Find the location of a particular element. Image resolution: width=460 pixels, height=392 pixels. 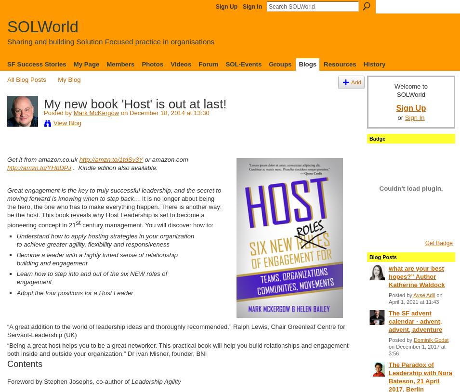

'on December 1, 2017 at 3:56' is located at coordinates (417, 350).